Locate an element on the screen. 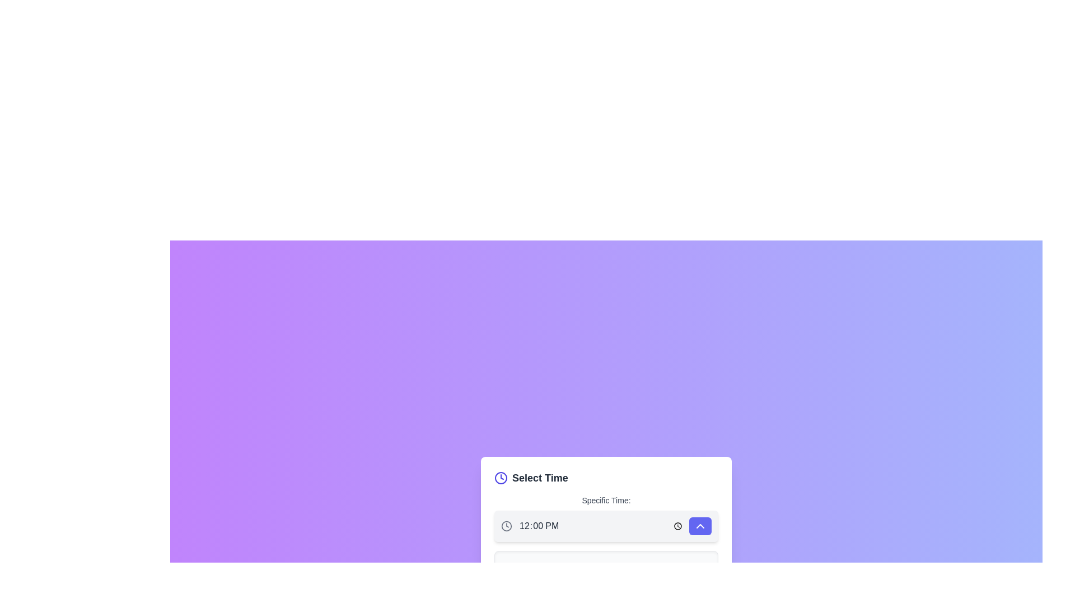 This screenshot has width=1075, height=604. the label that serves as a heading for the time selection components, positioned to the right of the clock icon at the top of the box is located at coordinates (540, 478).